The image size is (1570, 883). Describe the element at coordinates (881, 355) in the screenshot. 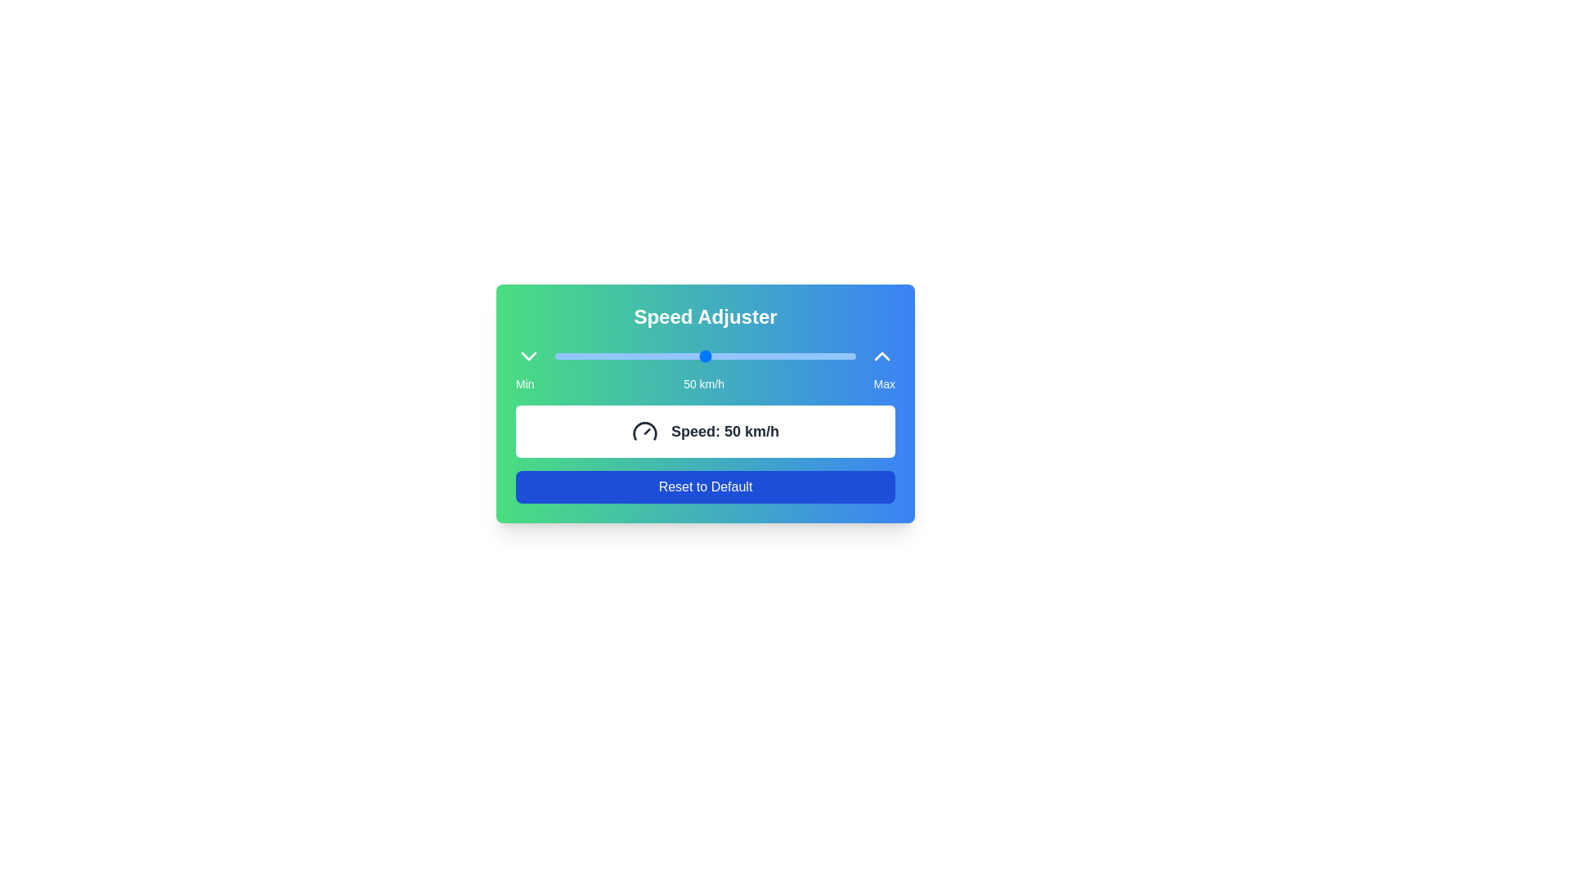

I see `the chevron-up icon with a white outline on a blue background located at the rightmost corner of the UI section` at that location.